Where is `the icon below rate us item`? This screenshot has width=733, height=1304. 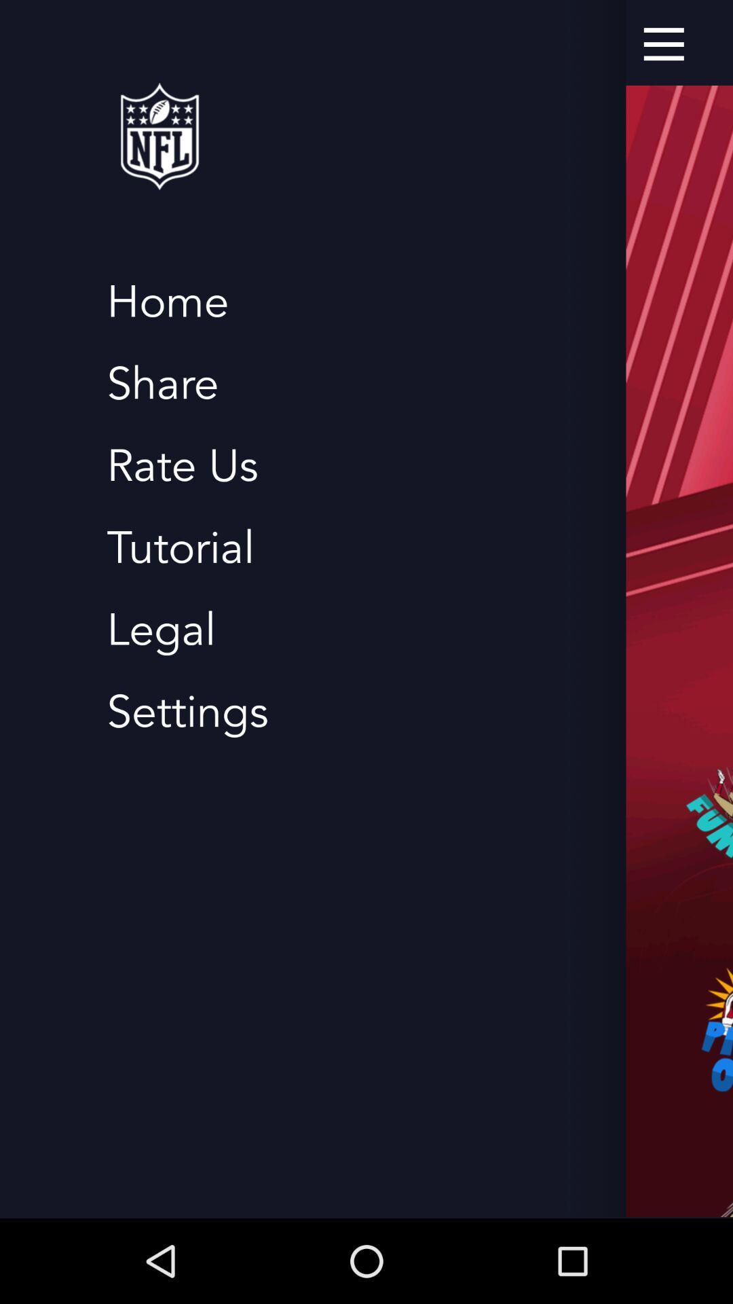 the icon below rate us item is located at coordinates (180, 548).